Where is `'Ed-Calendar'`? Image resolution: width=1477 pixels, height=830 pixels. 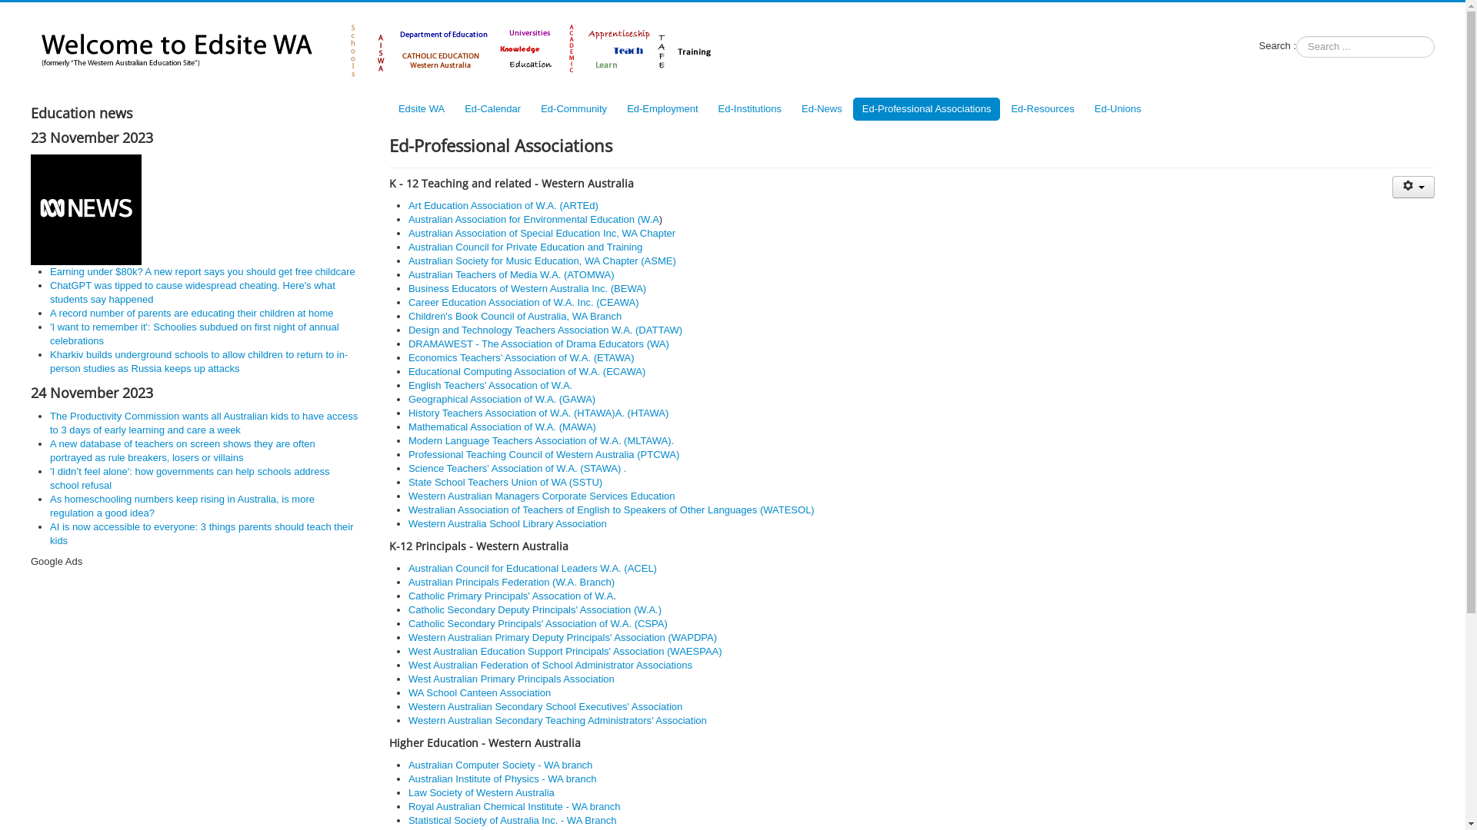 'Ed-Calendar' is located at coordinates (492, 108).